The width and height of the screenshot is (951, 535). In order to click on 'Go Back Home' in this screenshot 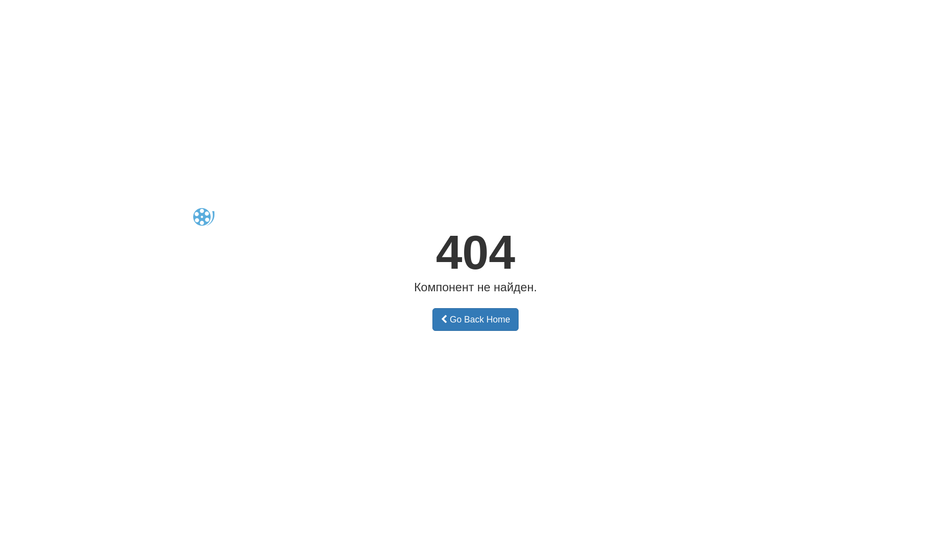, I will do `click(475, 319)`.